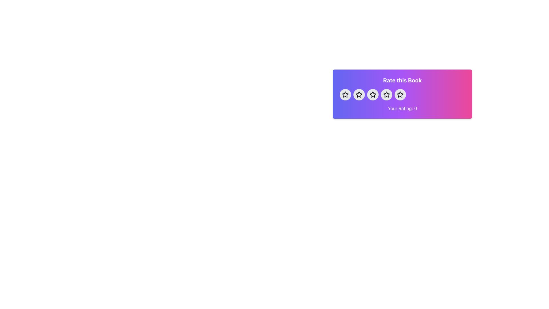  Describe the element at coordinates (345, 94) in the screenshot. I see `the first rating star icon` at that location.